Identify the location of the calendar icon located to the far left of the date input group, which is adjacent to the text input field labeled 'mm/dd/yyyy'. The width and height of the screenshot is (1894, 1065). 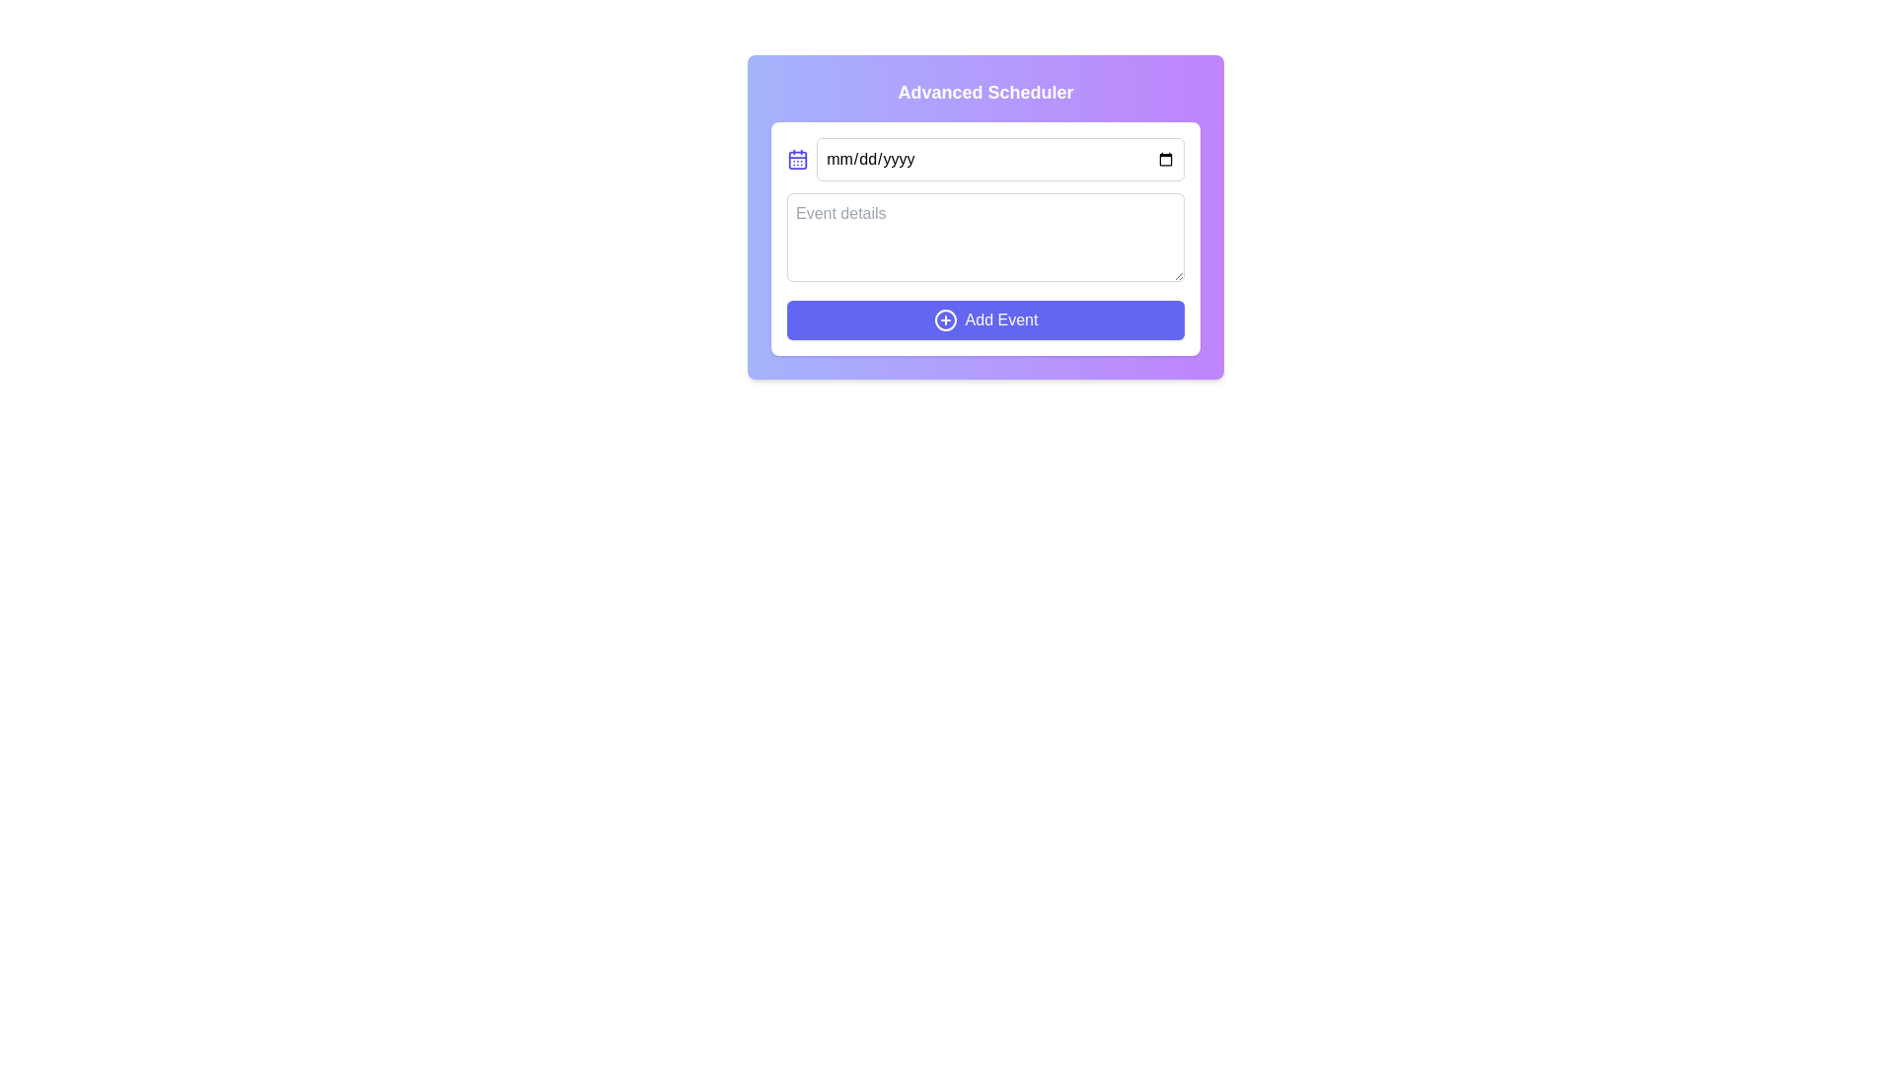
(798, 159).